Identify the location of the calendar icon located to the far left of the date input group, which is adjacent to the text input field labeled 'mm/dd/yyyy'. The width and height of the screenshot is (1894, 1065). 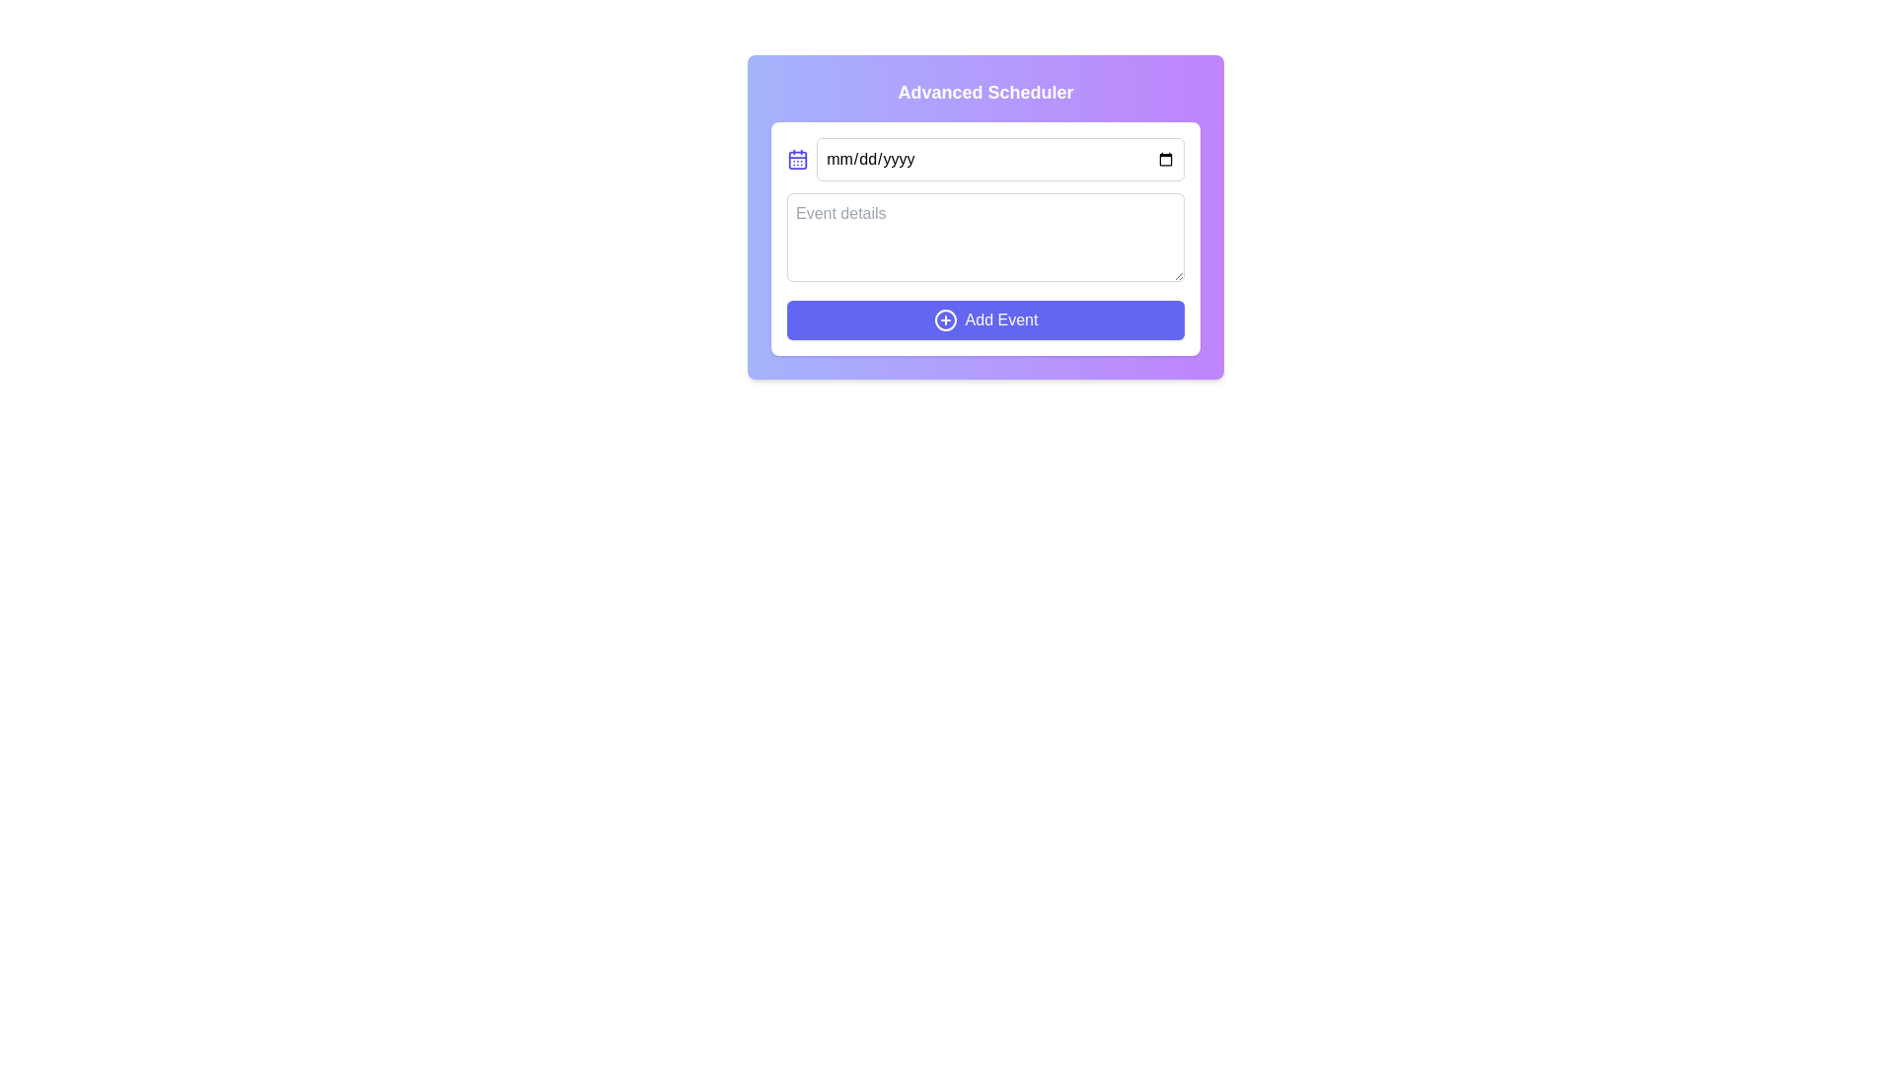
(798, 159).